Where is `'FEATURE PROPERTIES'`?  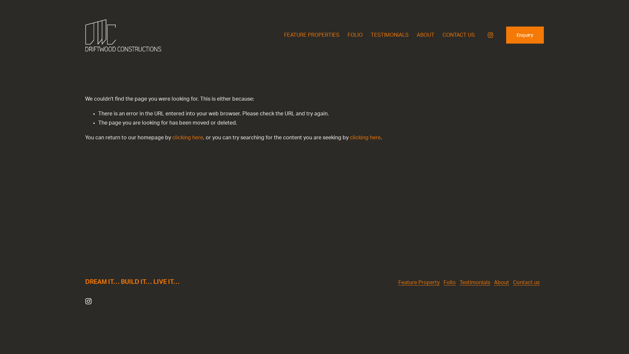 'FEATURE PROPERTIES' is located at coordinates (311, 35).